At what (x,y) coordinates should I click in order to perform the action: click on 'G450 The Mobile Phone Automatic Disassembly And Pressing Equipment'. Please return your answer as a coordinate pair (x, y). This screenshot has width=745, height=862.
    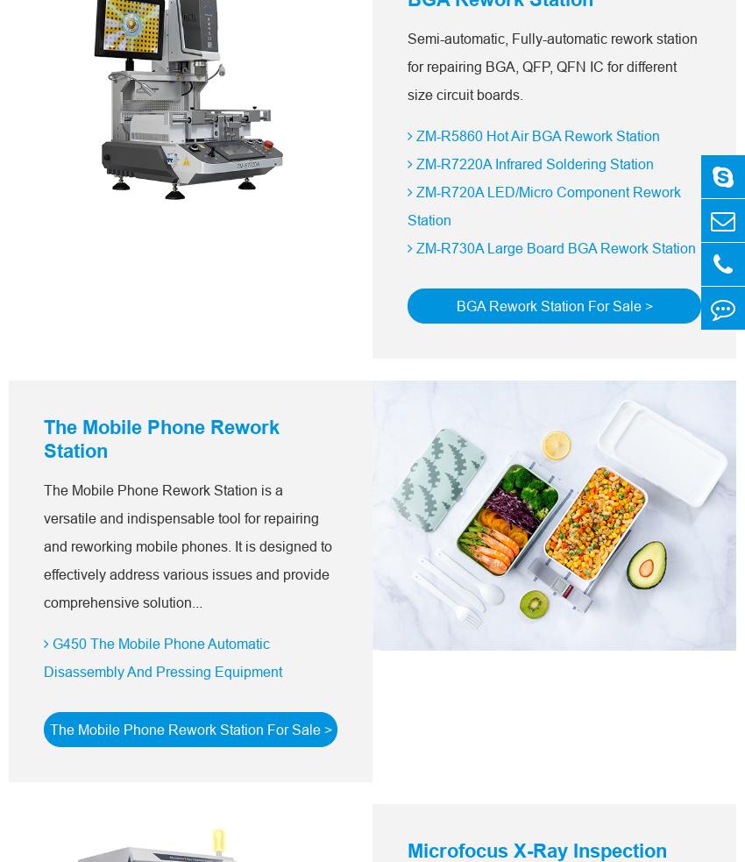
    Looking at the image, I should click on (161, 657).